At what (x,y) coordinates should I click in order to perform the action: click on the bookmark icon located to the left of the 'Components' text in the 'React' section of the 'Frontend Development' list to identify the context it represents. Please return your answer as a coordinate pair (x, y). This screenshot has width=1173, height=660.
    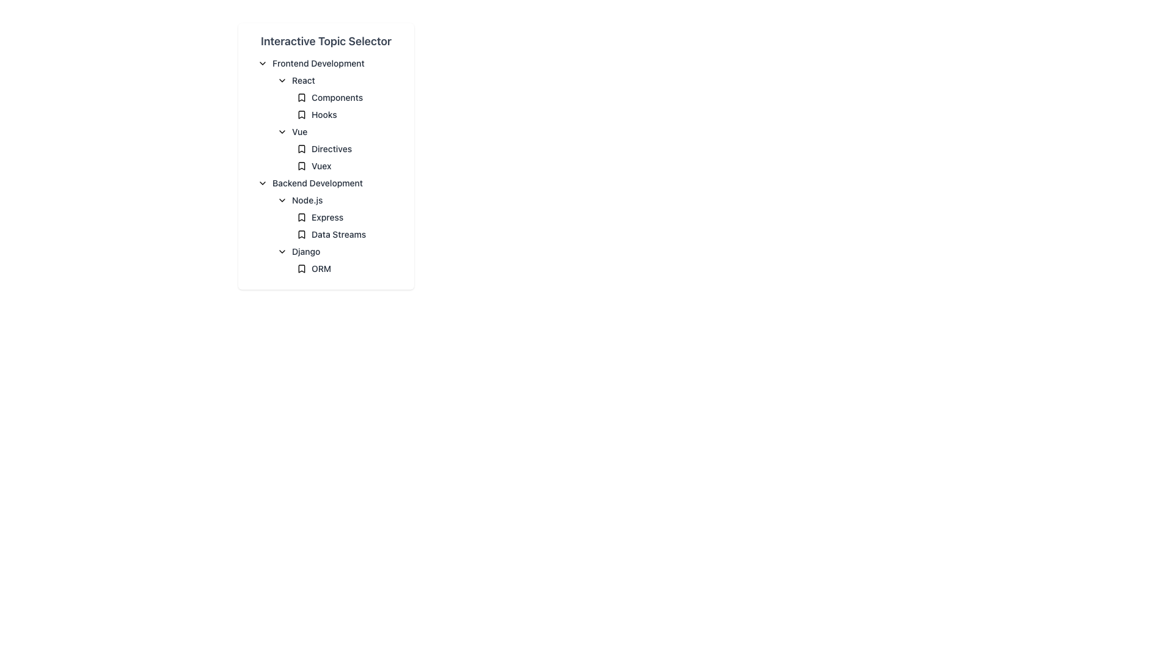
    Looking at the image, I should click on (302, 97).